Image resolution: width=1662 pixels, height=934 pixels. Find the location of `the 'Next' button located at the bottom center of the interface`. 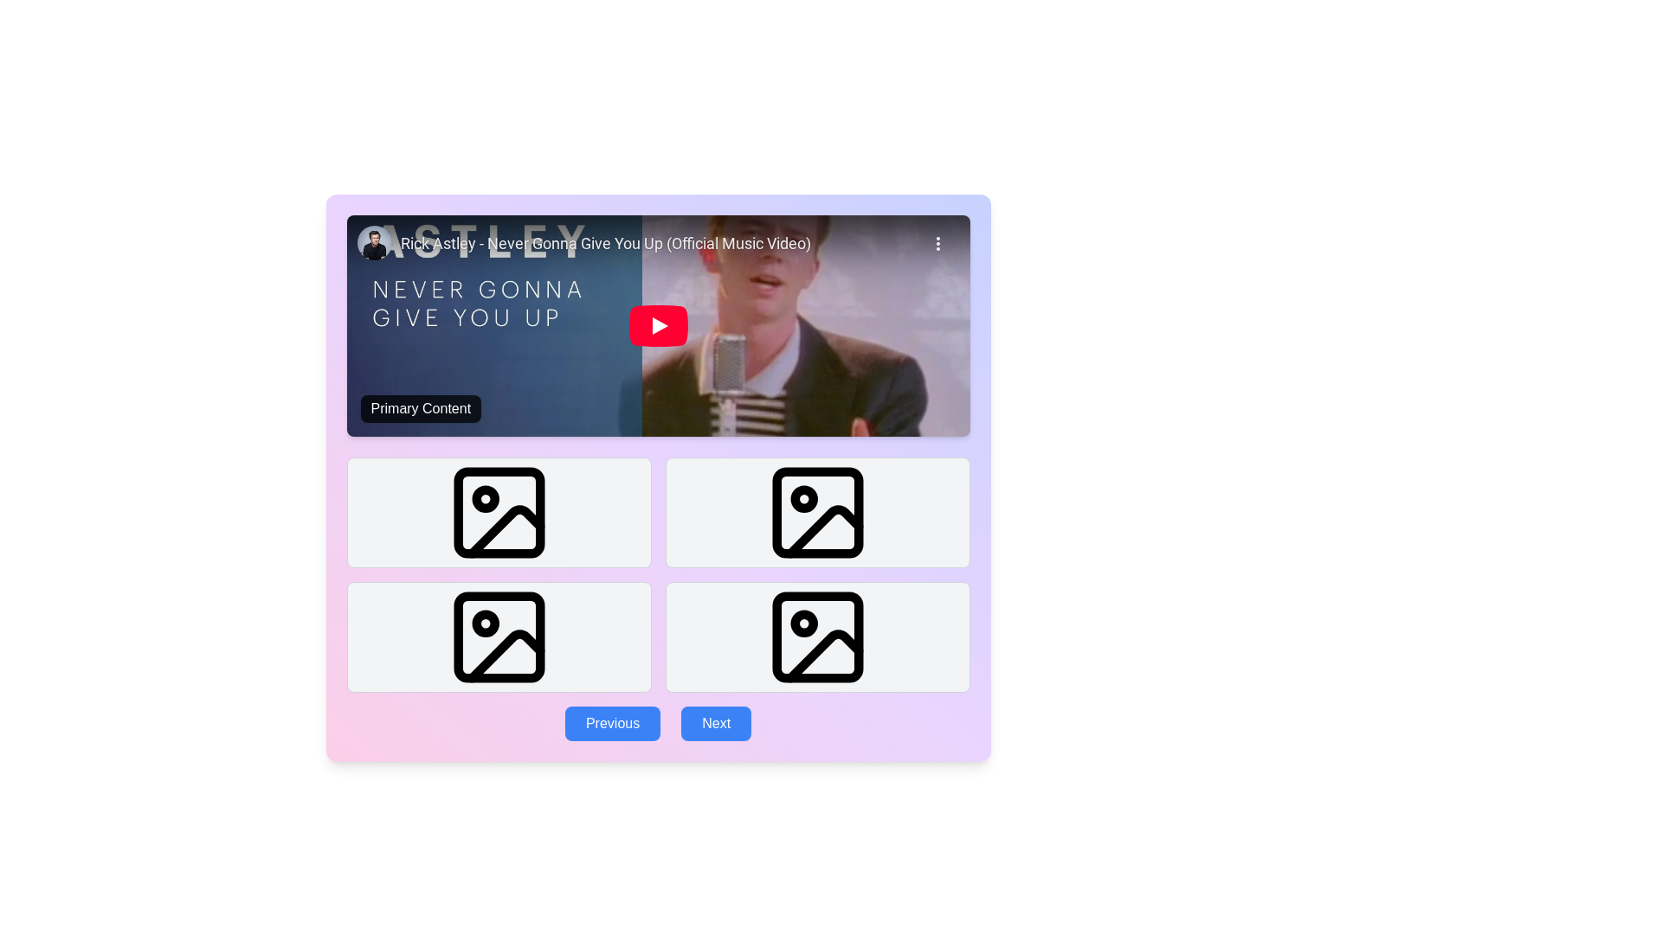

the 'Next' button located at the bottom center of the interface is located at coordinates (716, 724).